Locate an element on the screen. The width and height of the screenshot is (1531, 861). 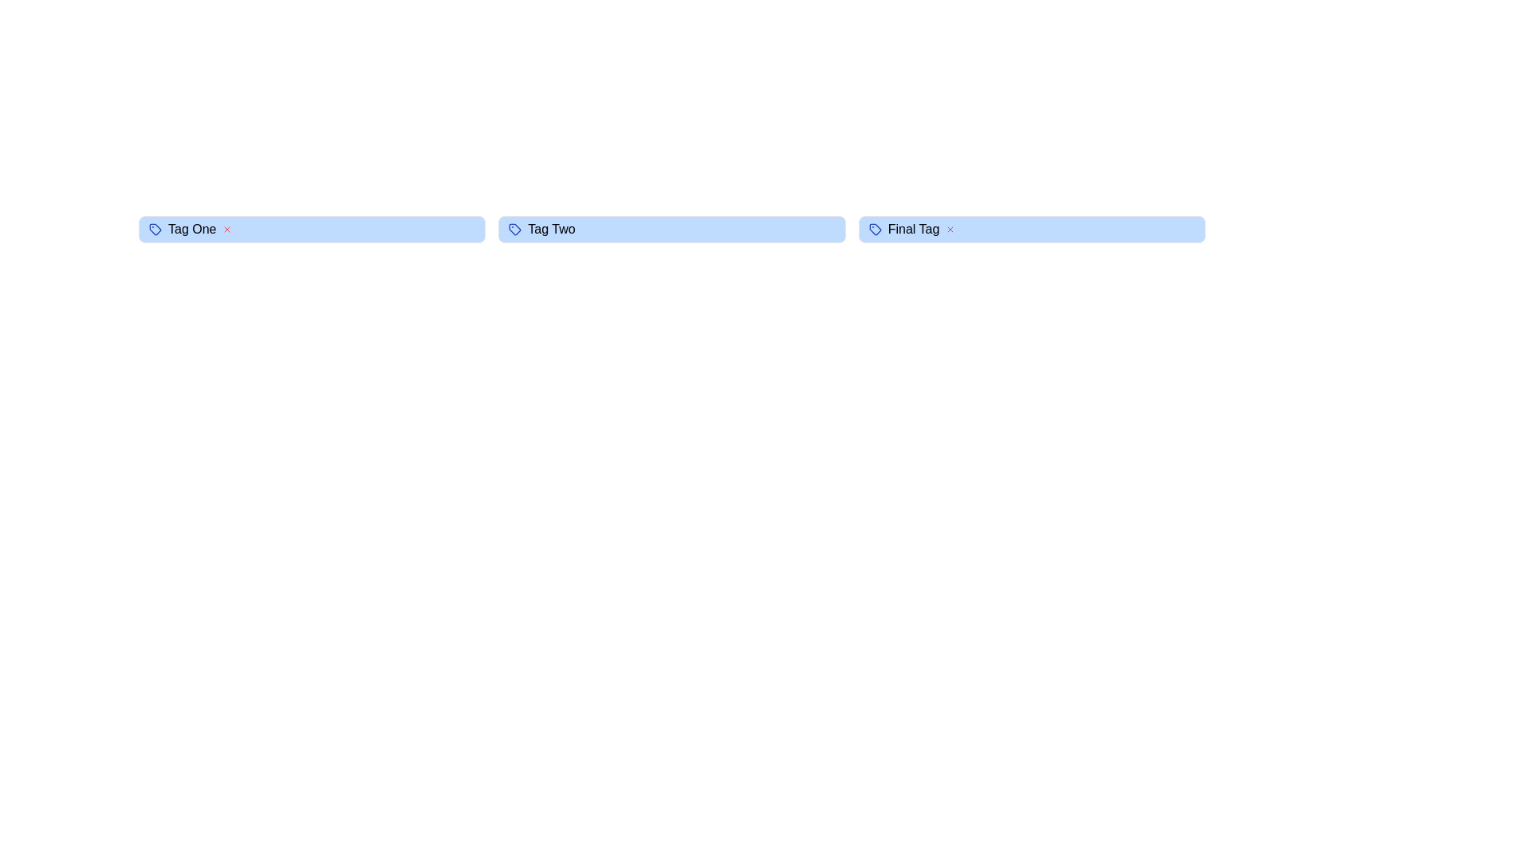
the blue tag icon located to the left of the text 'Tag Two' is located at coordinates (515, 230).